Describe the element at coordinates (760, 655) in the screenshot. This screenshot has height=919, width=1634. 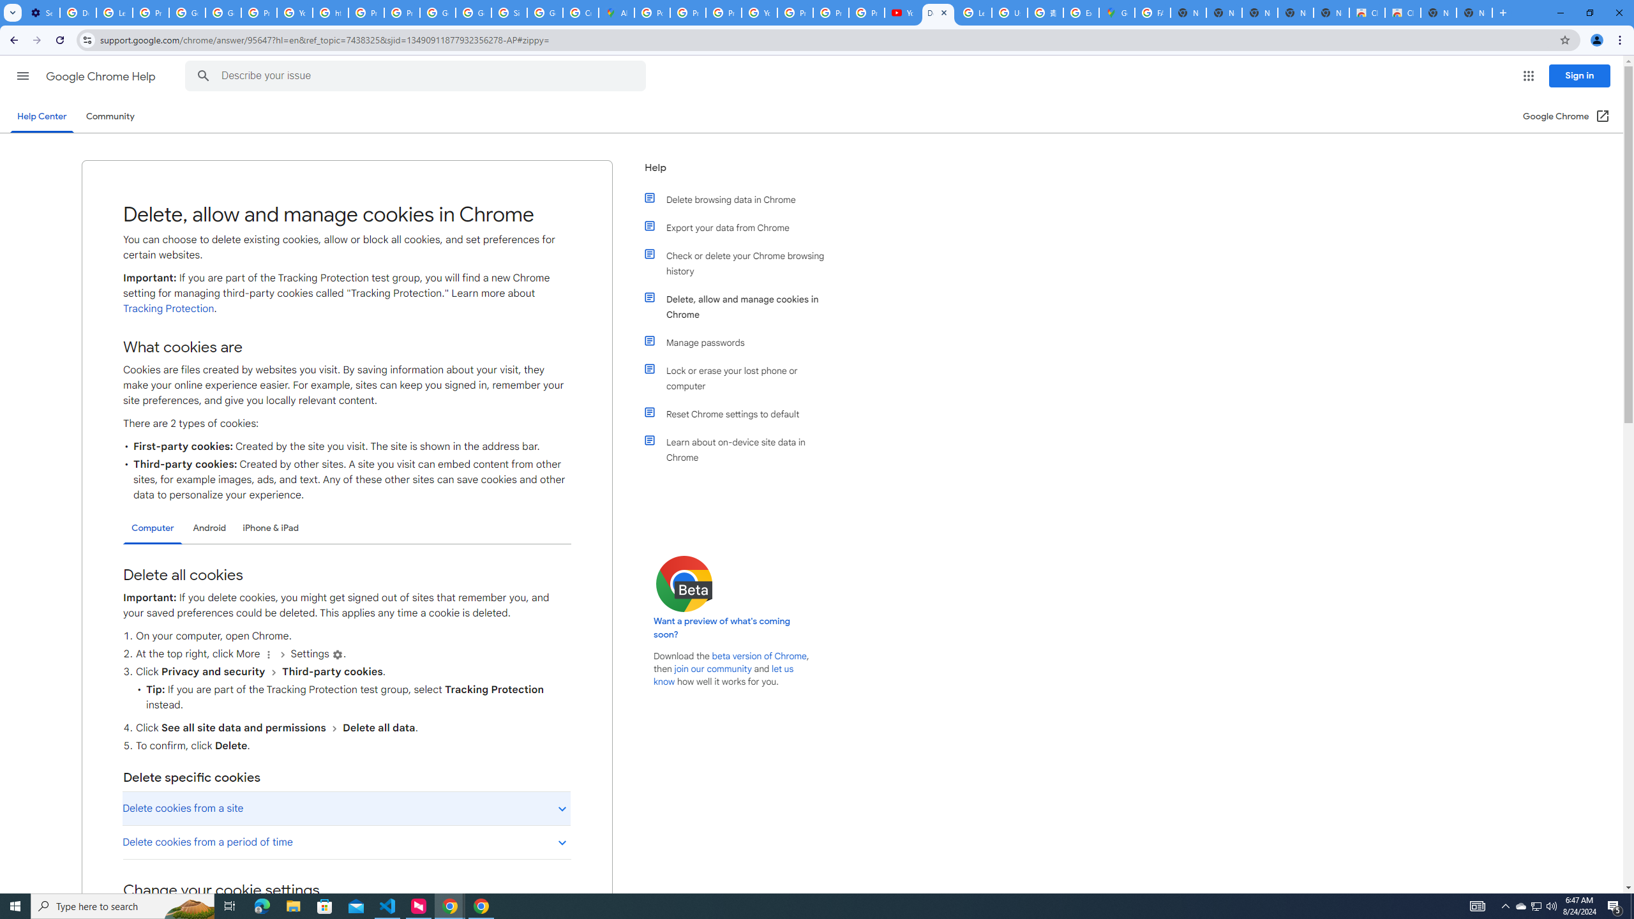
I see `'beta version of Chrome'` at that location.